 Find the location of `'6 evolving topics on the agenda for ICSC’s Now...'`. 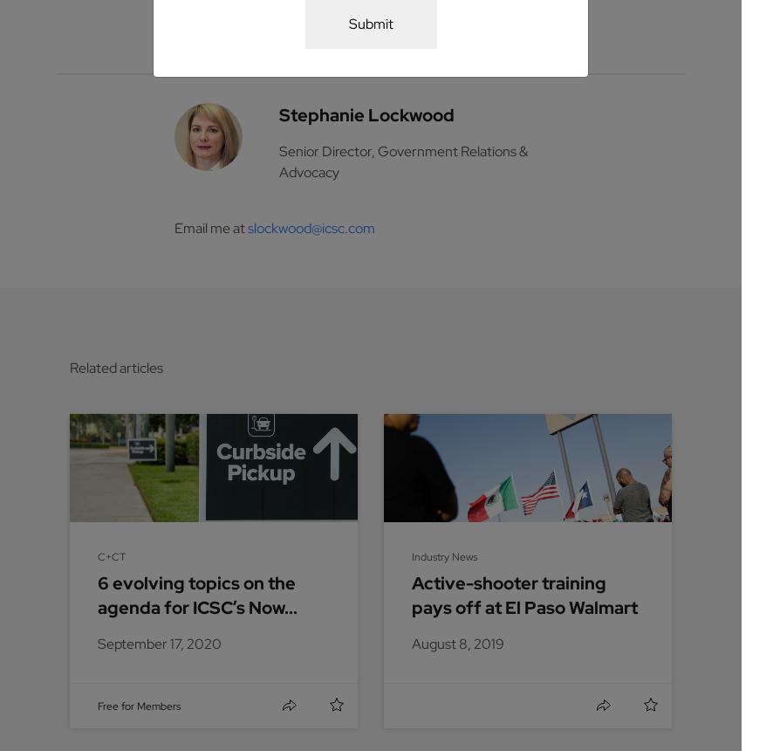

'6 evolving topics on the agenda for ICSC’s Now...' is located at coordinates (98, 595).